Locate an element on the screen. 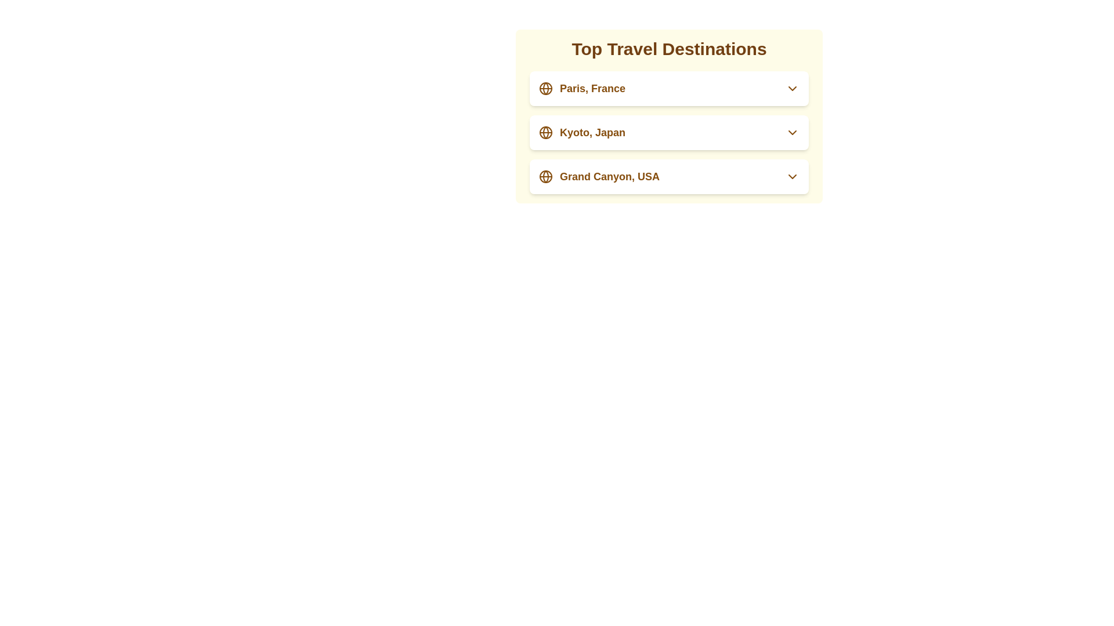  the decorative icon representing 'location' or 'world travel' next to the text 'Grand Canyon, USA' in the 'Top Travel Destinations' section is located at coordinates (545, 176).